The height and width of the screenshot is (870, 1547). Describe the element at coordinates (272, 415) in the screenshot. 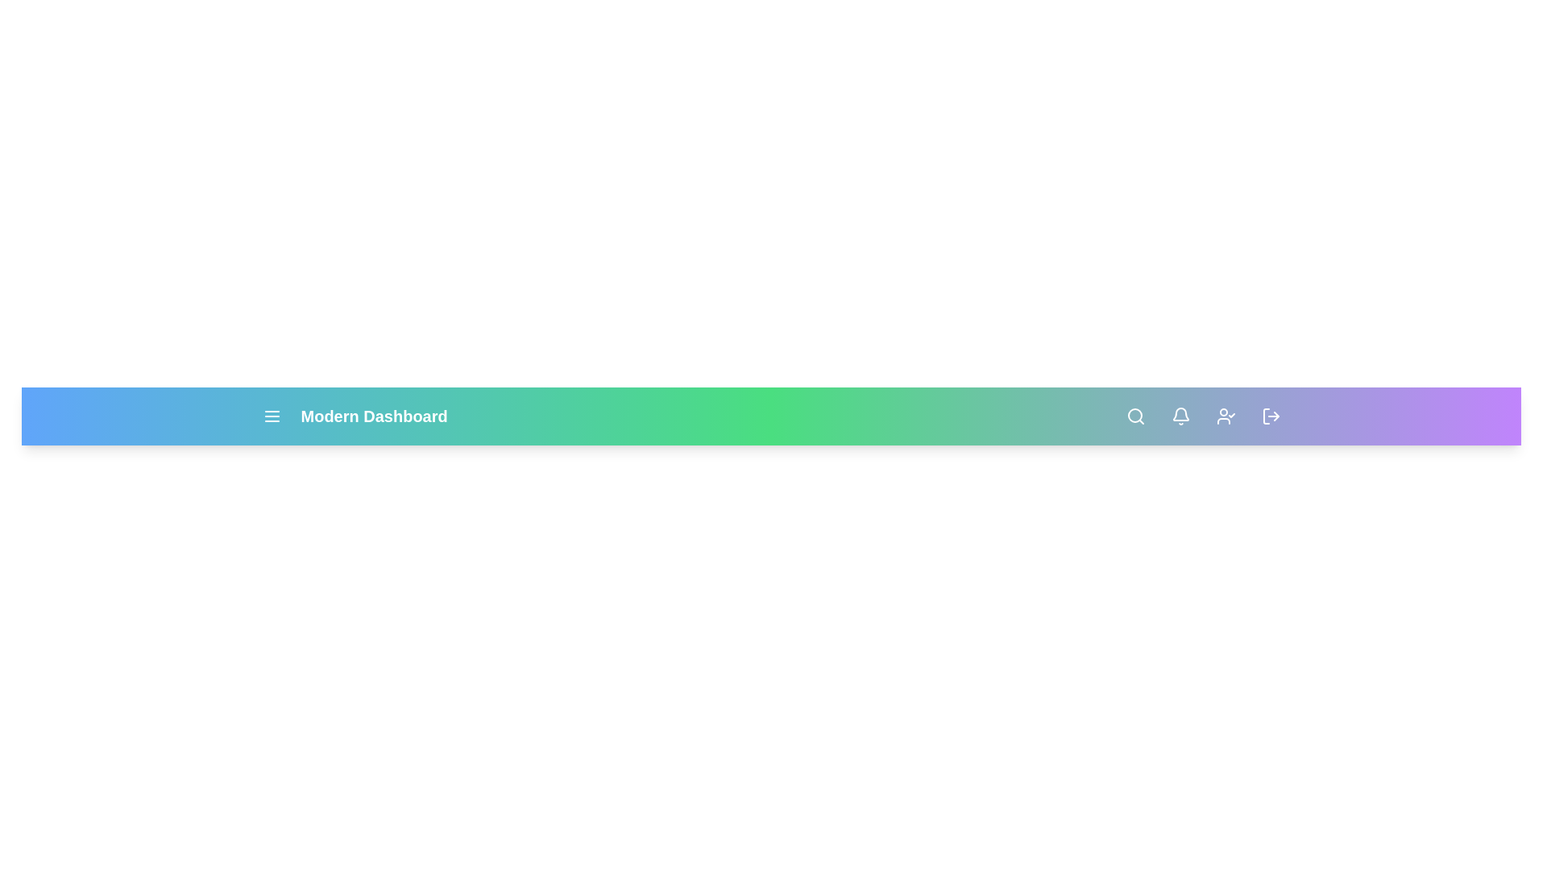

I see `the menu button to open the navigation menu` at that location.